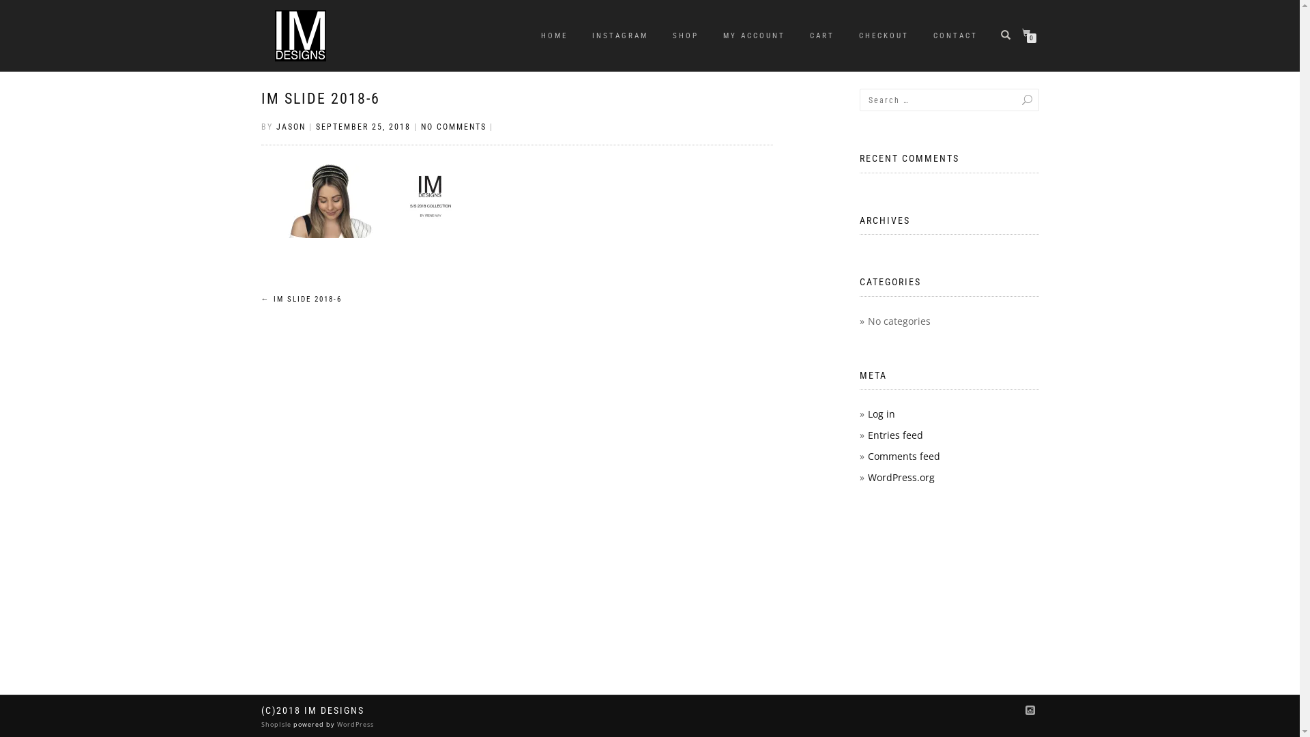  I want to click on 'CONTACT', so click(954, 35).